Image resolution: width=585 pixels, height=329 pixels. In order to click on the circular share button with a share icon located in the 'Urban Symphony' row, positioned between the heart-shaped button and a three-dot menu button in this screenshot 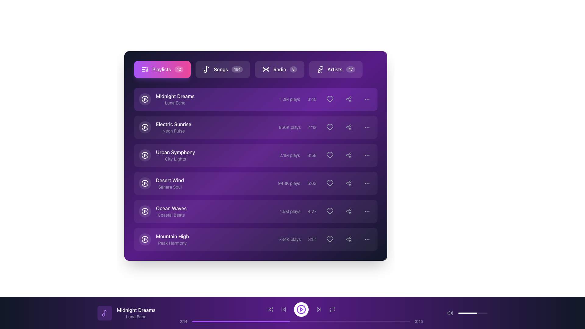, I will do `click(349, 155)`.